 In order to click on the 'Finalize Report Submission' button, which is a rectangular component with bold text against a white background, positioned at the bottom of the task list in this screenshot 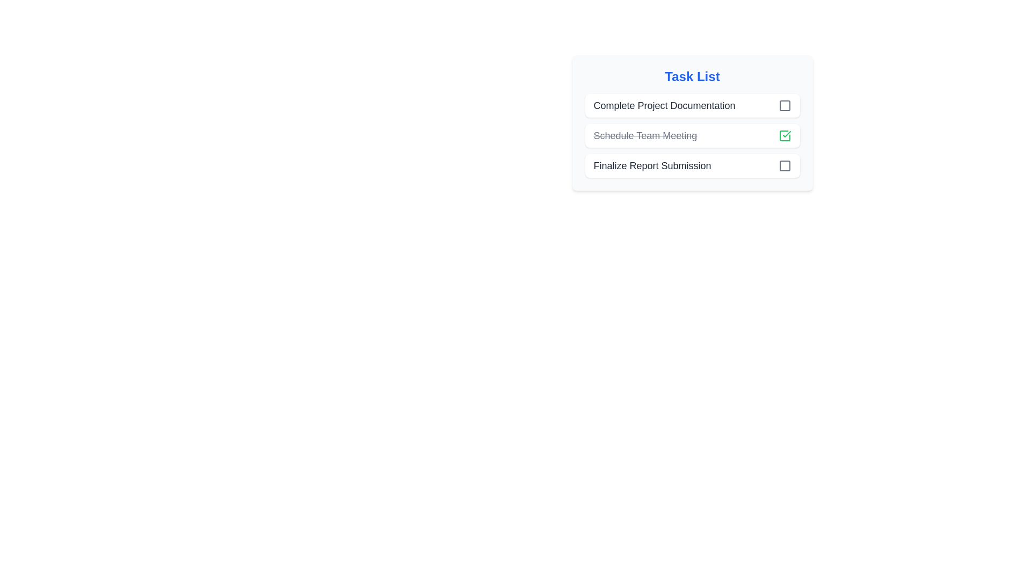, I will do `click(692, 165)`.